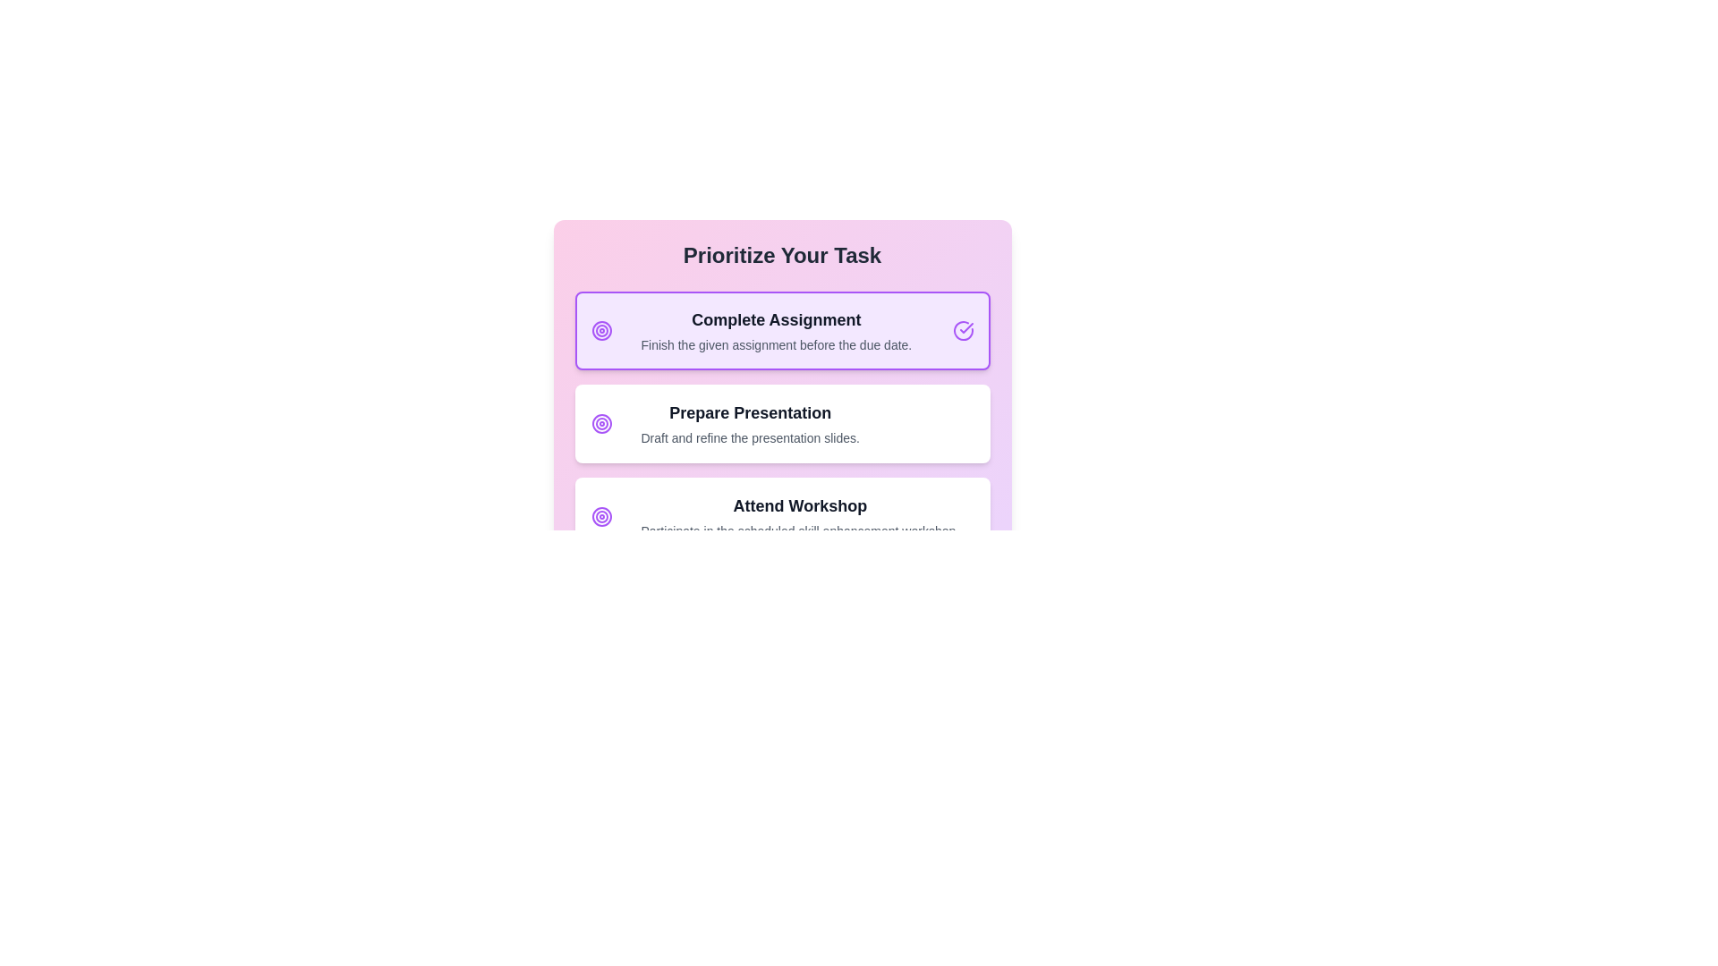 This screenshot has height=966, width=1718. I want to click on the outermost SVG circle component that visually represents the task's relation to goals, located to the left of the 'Prepare Presentation' task item under the 'Prioritize Your Task' header, so click(601, 424).